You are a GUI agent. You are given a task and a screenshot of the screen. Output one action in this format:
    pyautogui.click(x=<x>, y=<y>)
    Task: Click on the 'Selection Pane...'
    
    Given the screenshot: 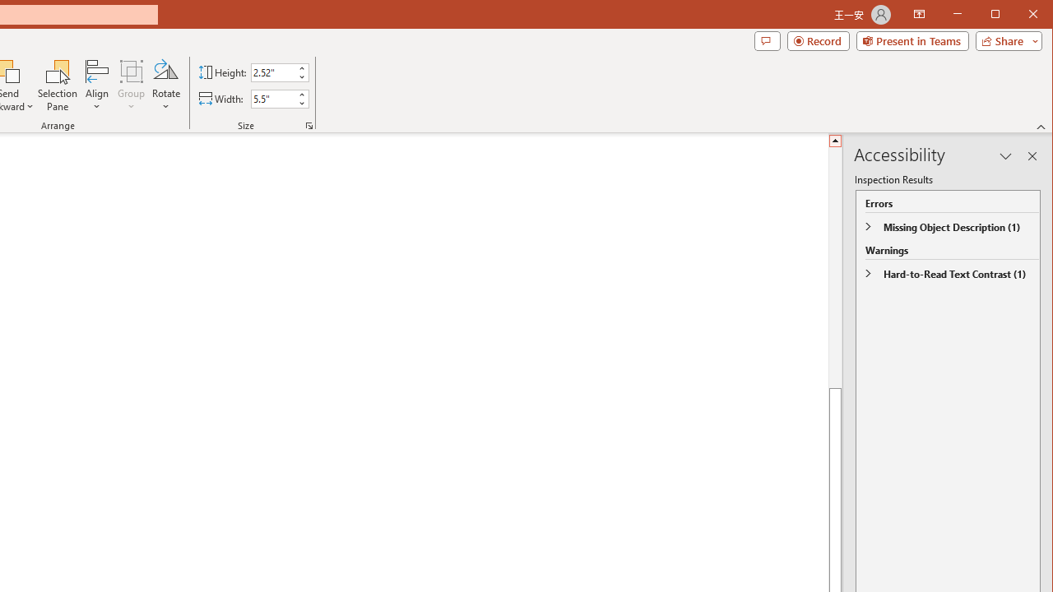 What is the action you would take?
    pyautogui.click(x=58, y=86)
    